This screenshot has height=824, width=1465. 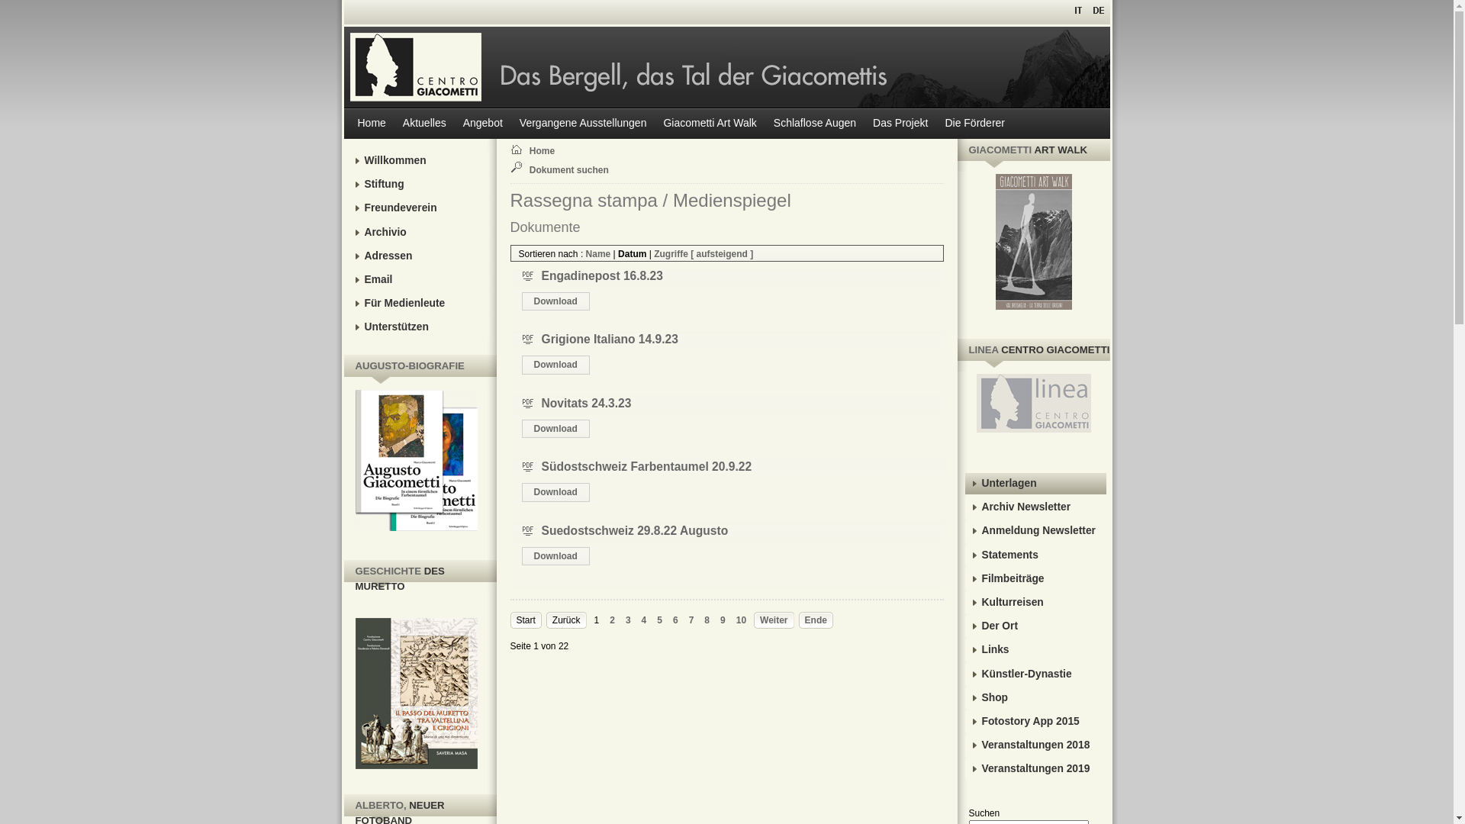 What do you see at coordinates (1096, 9) in the screenshot?
I see `'DE'` at bounding box center [1096, 9].